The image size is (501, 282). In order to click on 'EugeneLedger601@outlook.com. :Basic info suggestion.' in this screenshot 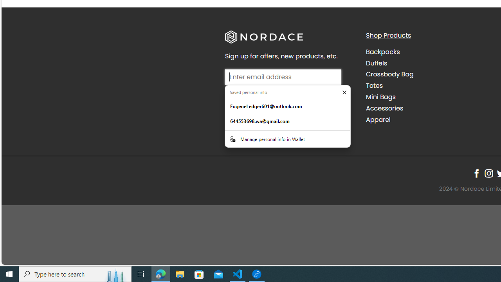, I will do `click(287, 106)`.